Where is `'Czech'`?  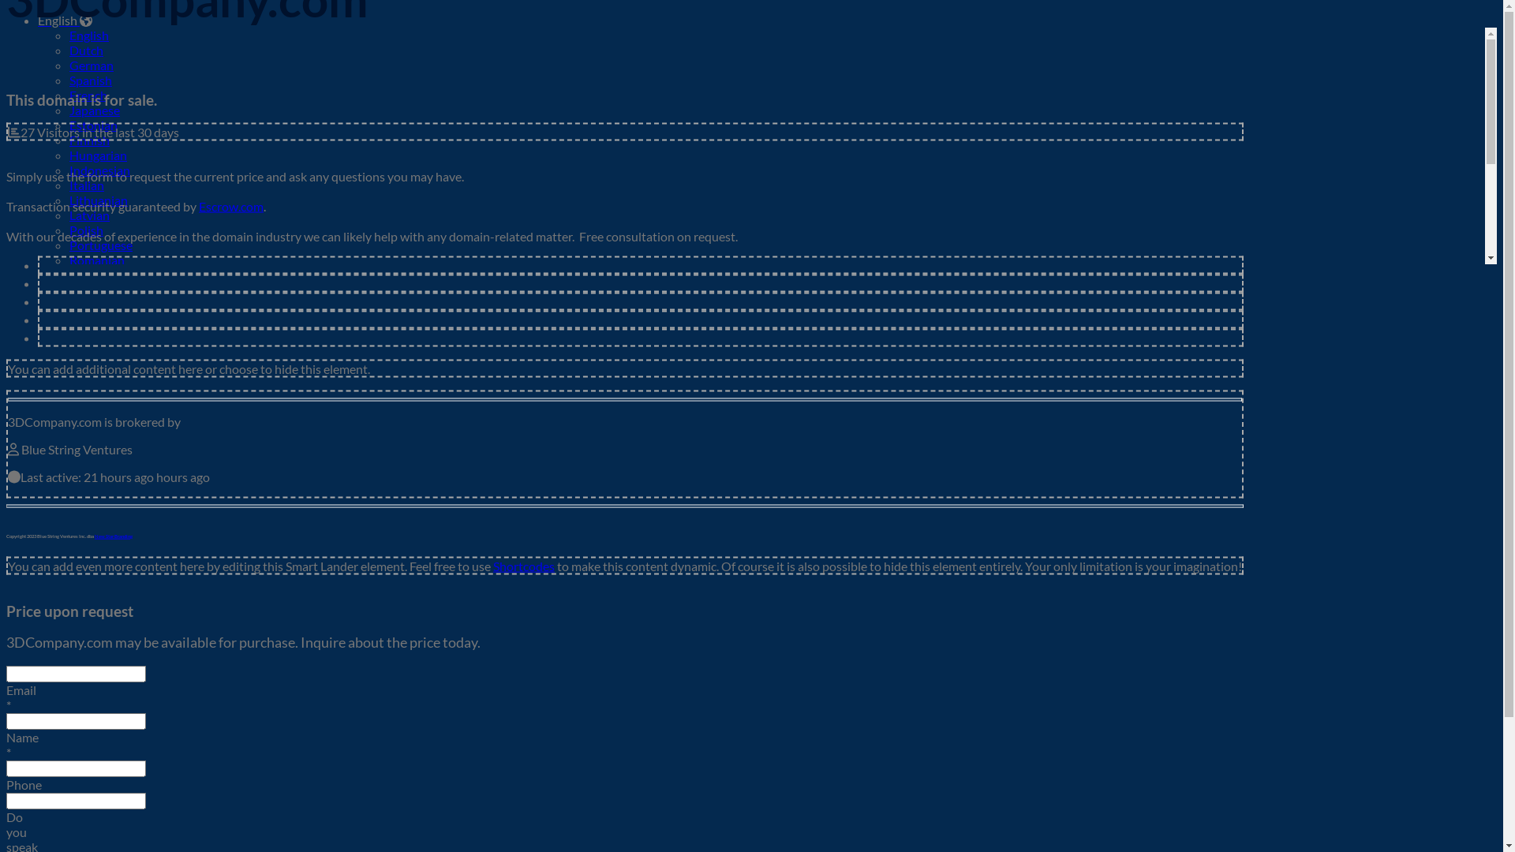
'Czech' is located at coordinates (85, 394).